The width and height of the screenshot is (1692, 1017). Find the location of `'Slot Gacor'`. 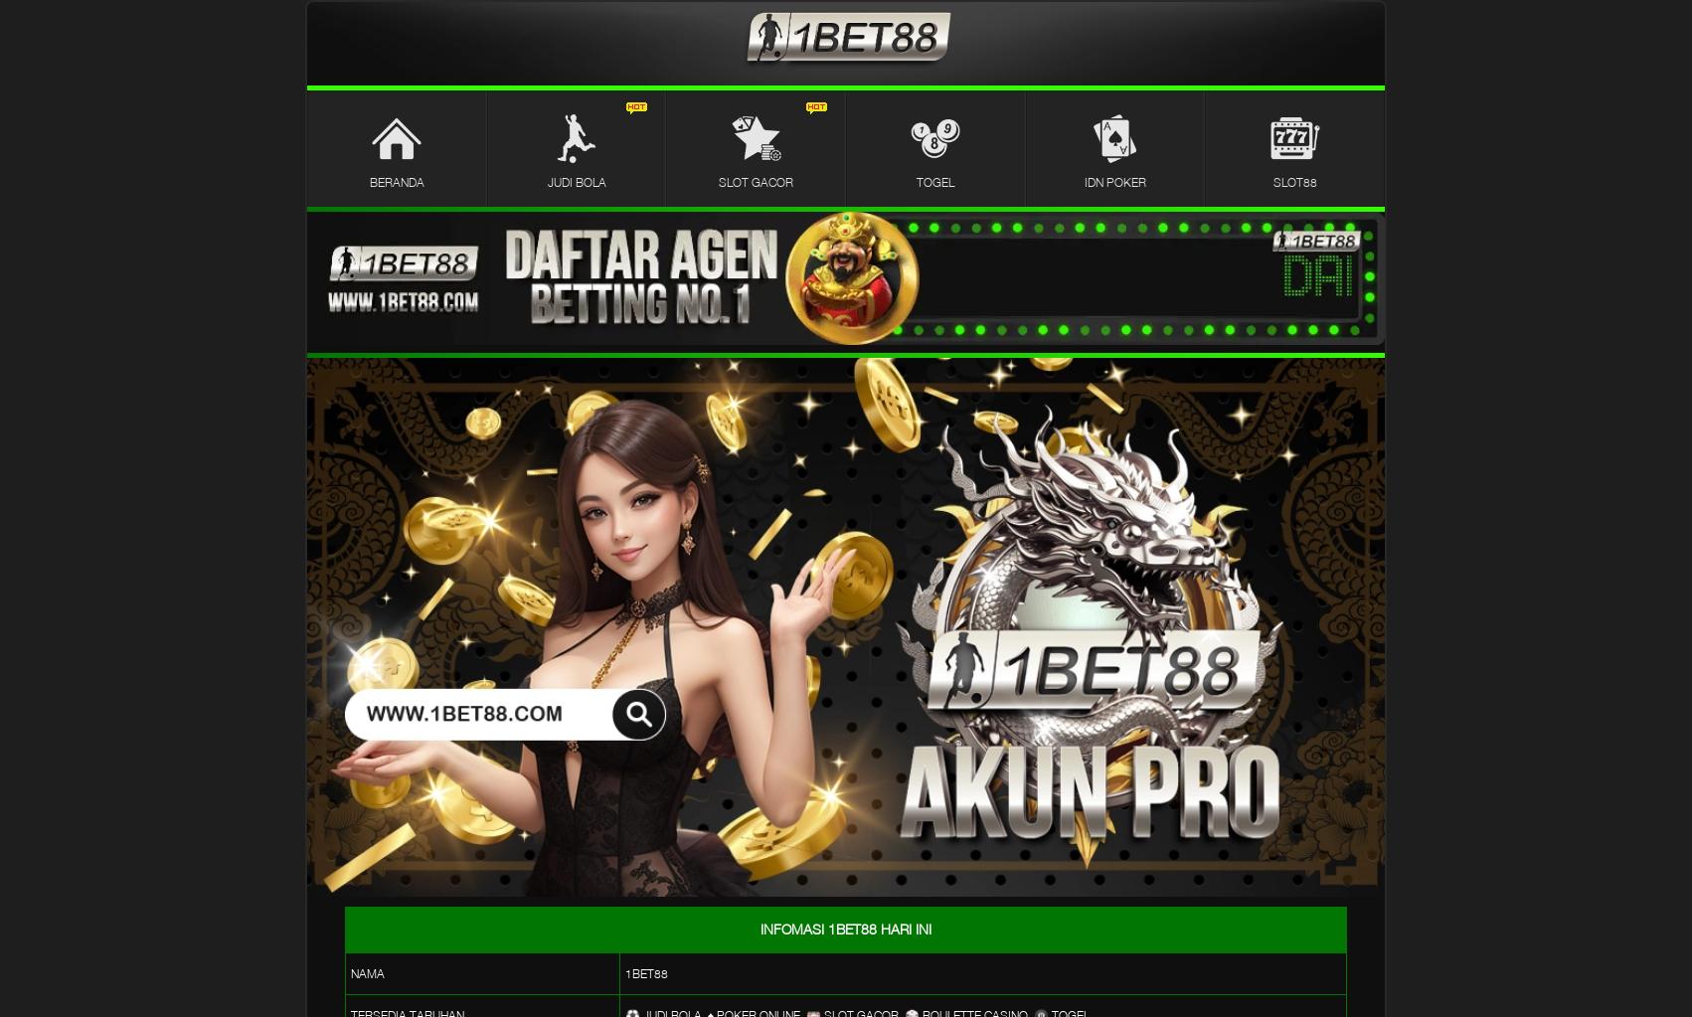

'Slot Gacor' is located at coordinates (755, 181).